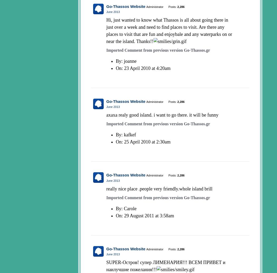 The width and height of the screenshot is (277, 273). What do you see at coordinates (146, 68) in the screenshot?
I see `': 23 April 2010 at 4:20am'` at bounding box center [146, 68].